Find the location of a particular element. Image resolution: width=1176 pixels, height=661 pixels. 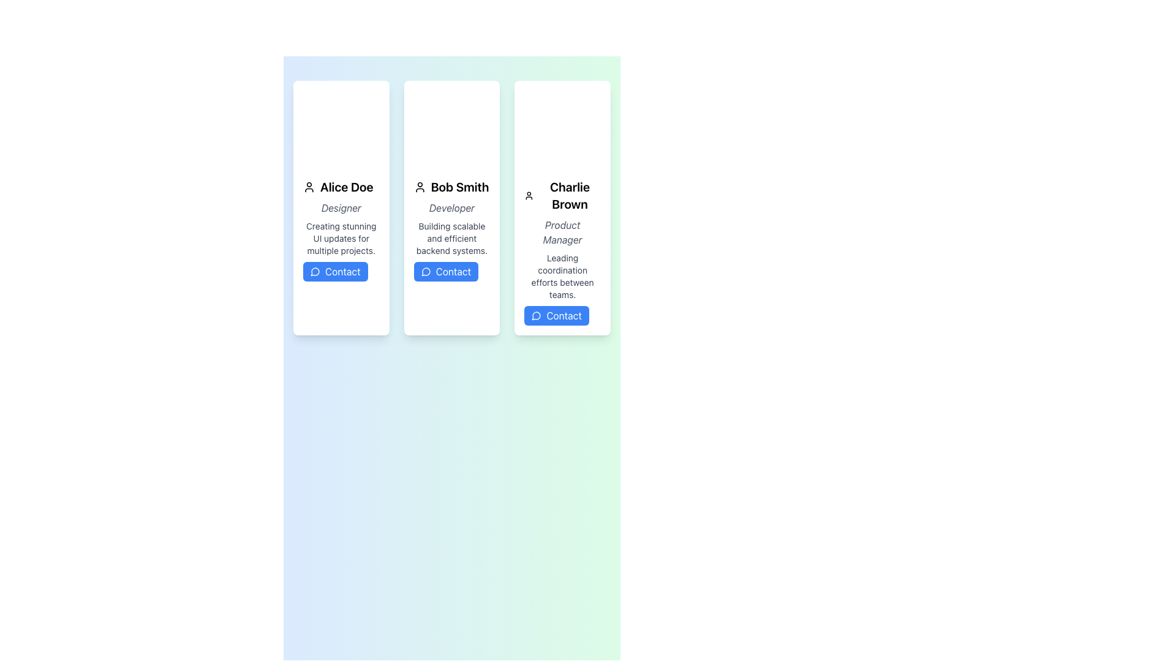

the static text label that reads 'Building scalable and efficient backend systems', which is positioned below 'Bob Smith' and above the 'Contact' button is located at coordinates (451, 238).